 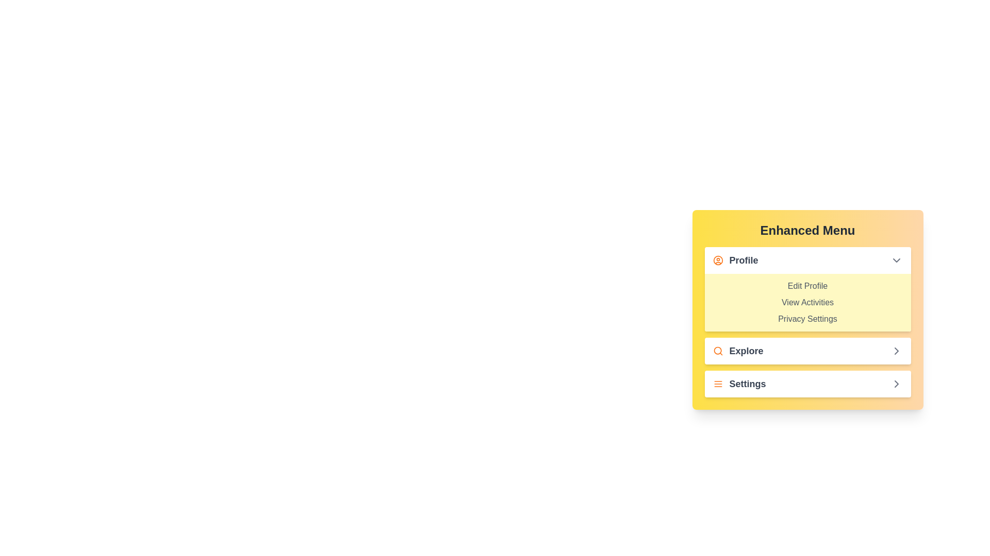 I want to click on the 'Privacy Settings' text link, so click(x=807, y=321).